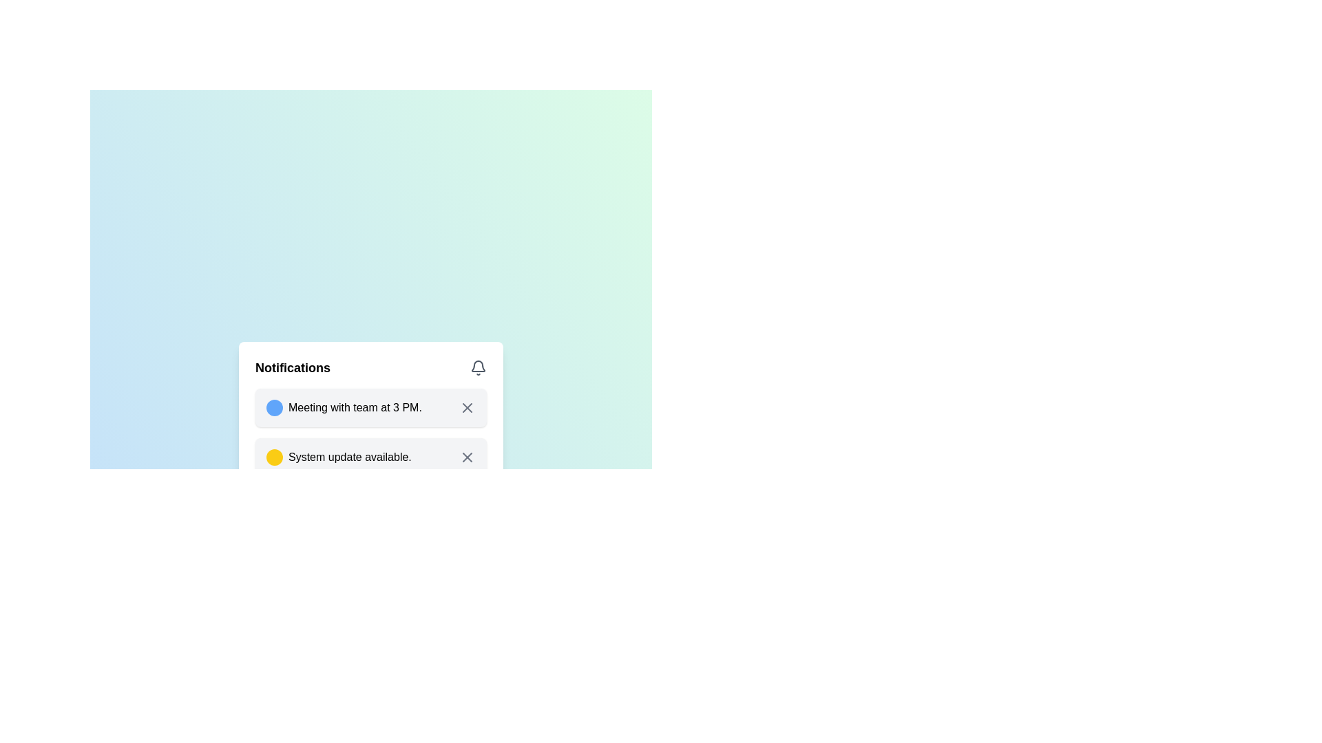 This screenshot has height=743, width=1322. Describe the element at coordinates (292, 367) in the screenshot. I see `text of the left-aligned title label in the notifications panel, which indicates the content related to notifications` at that location.